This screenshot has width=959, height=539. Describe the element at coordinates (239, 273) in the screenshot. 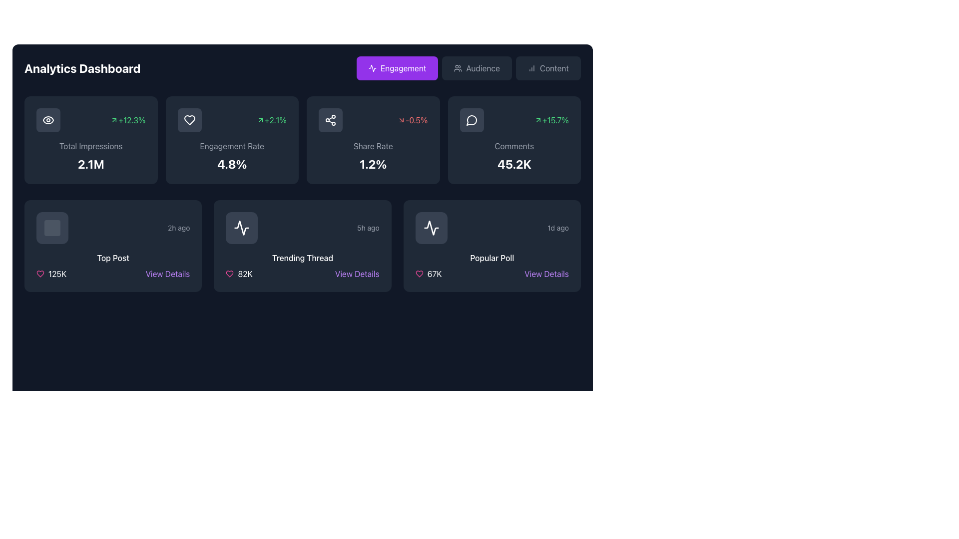

I see `the pink heart icon followed by the text '82K' located in the bottom section of the 'Trending Thread' card in the dashboard` at that location.